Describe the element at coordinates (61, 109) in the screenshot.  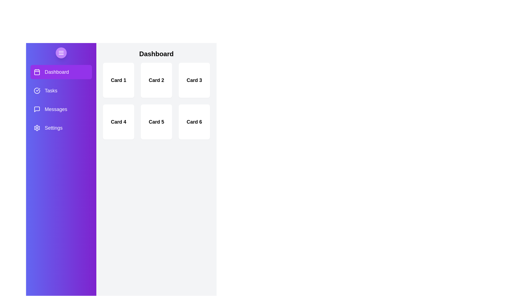
I see `the sidebar menu section labeled Messages` at that location.